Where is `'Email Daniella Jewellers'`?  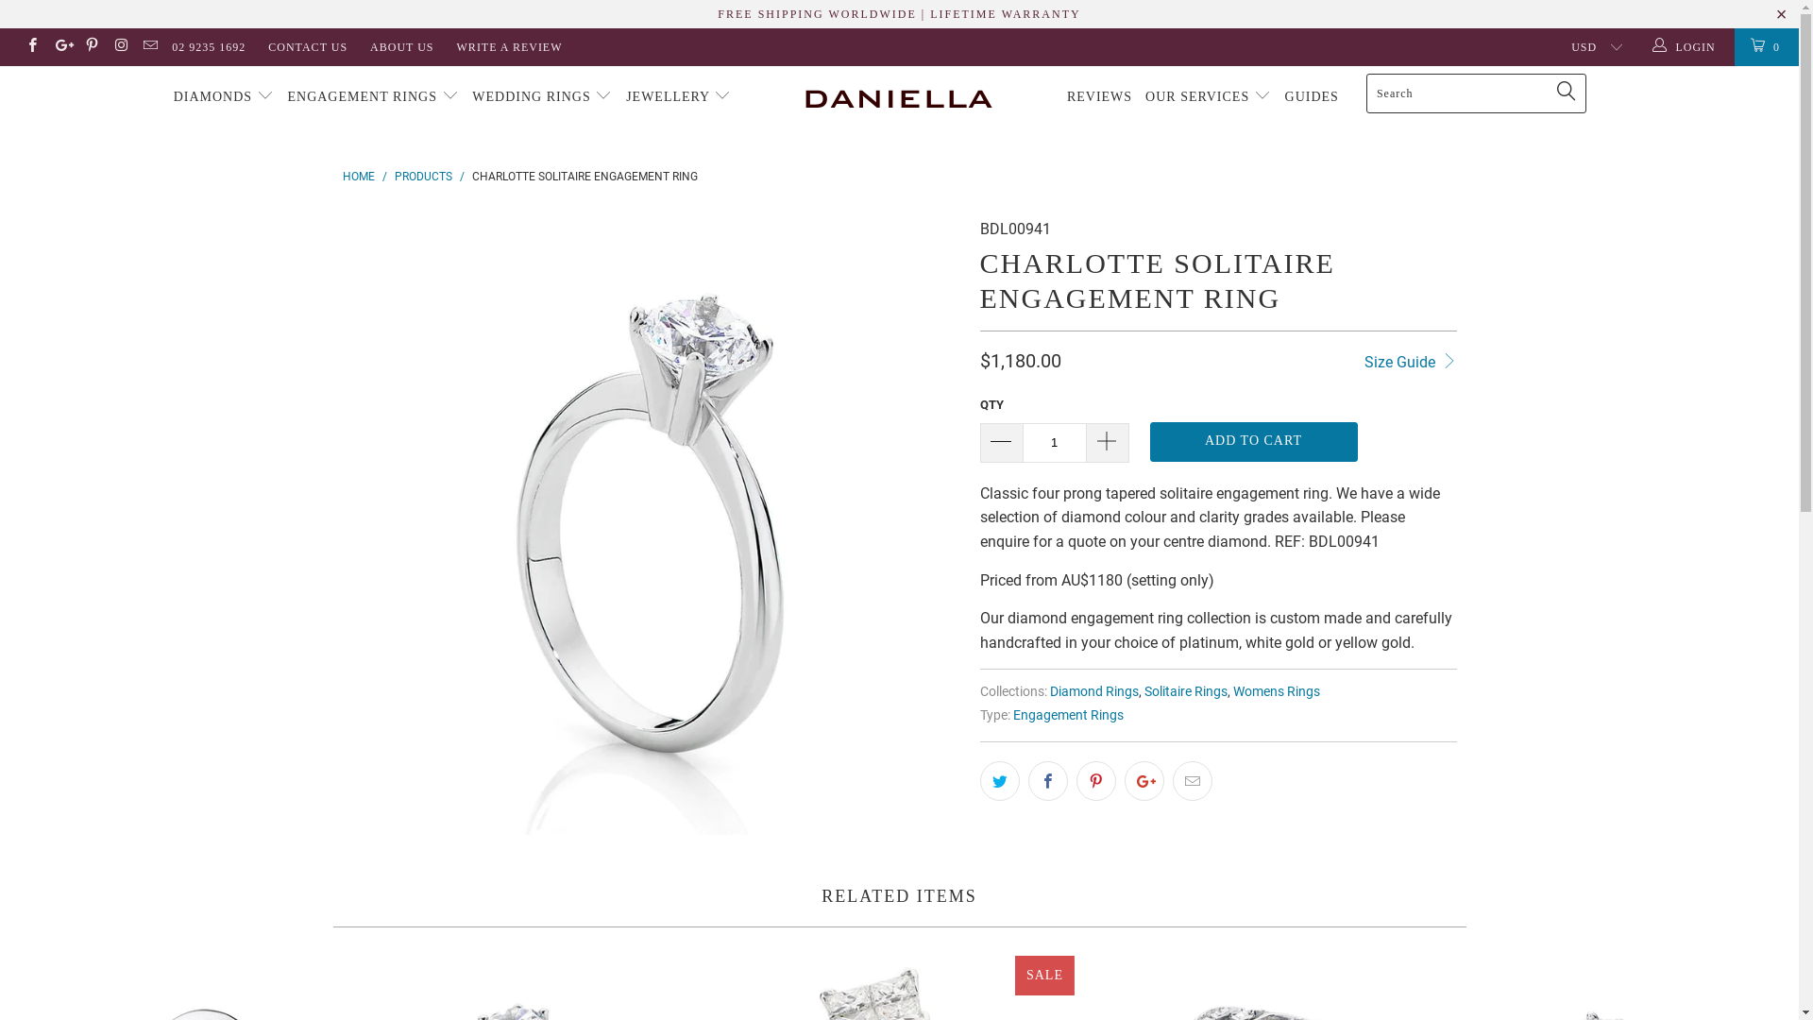 'Email Daniella Jewellers' is located at coordinates (148, 46).